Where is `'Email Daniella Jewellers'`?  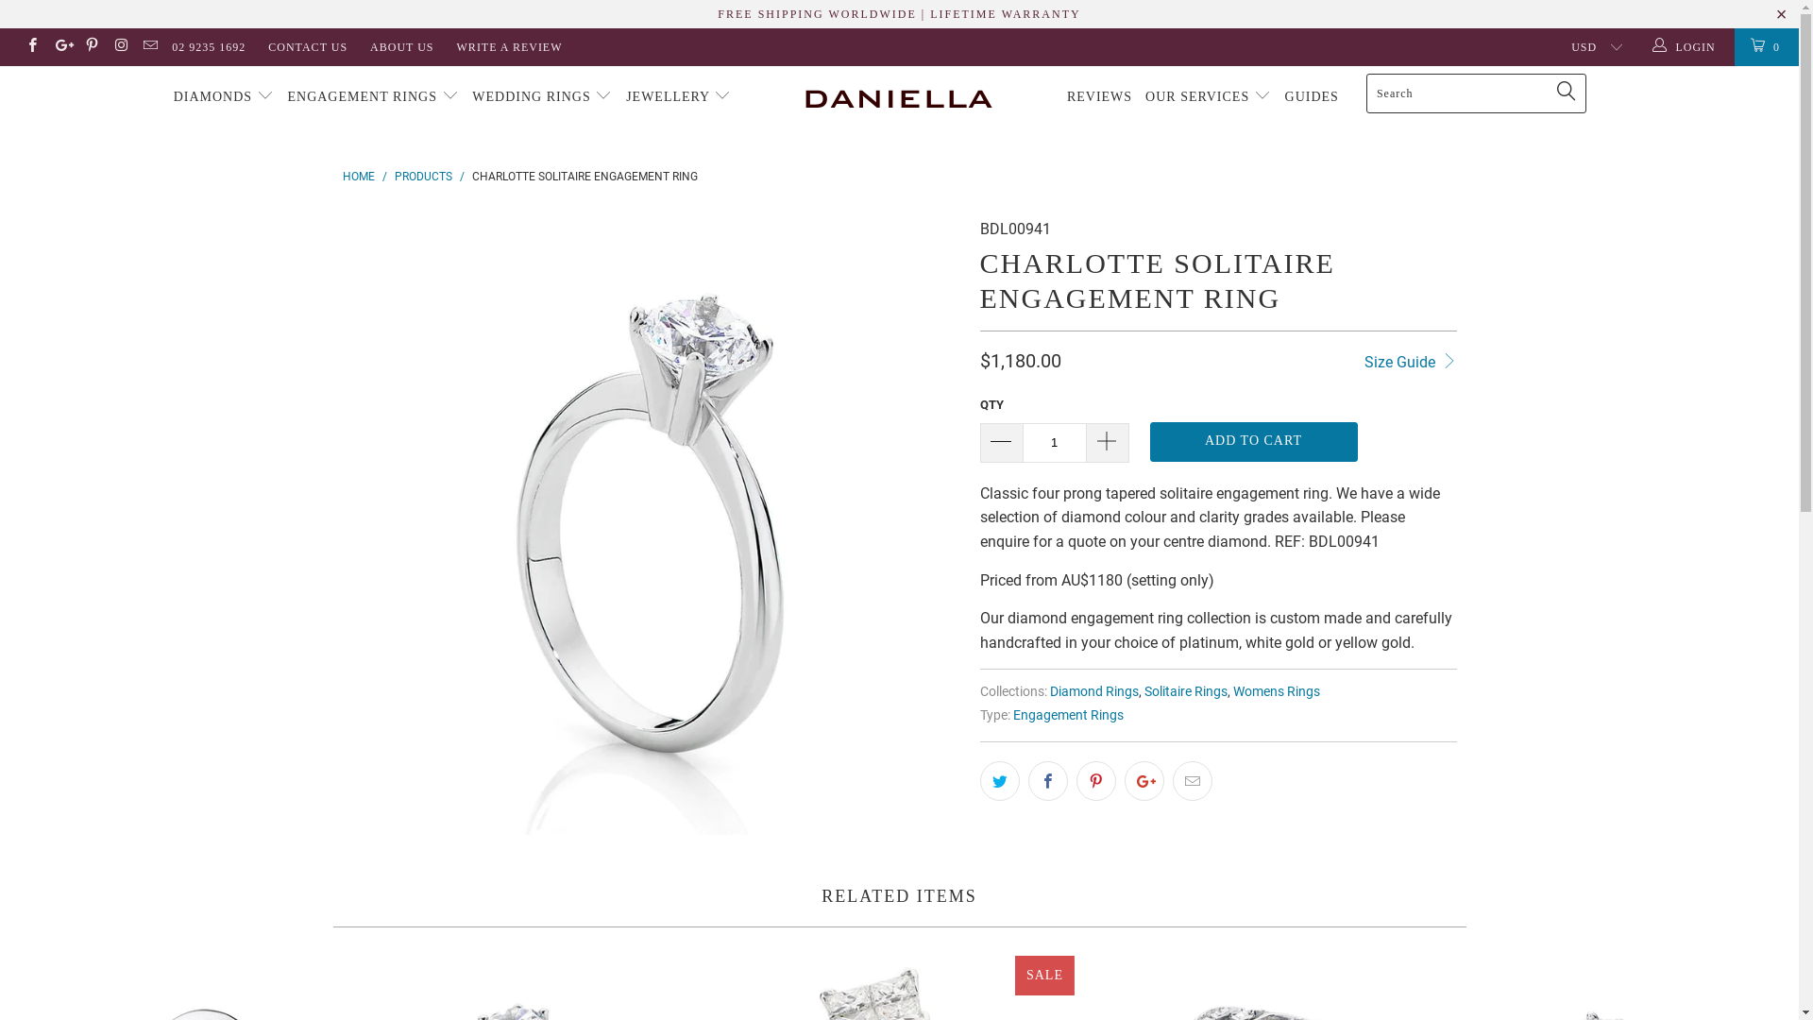 'Email Daniella Jewellers' is located at coordinates (148, 46).